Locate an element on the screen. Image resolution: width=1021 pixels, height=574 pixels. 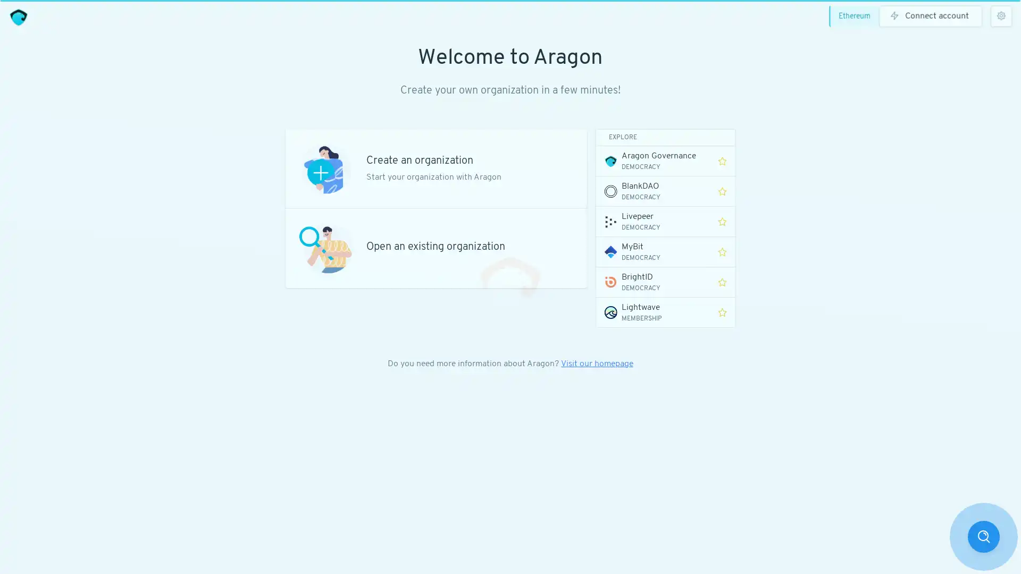
Back to home is located at coordinates (18, 17).